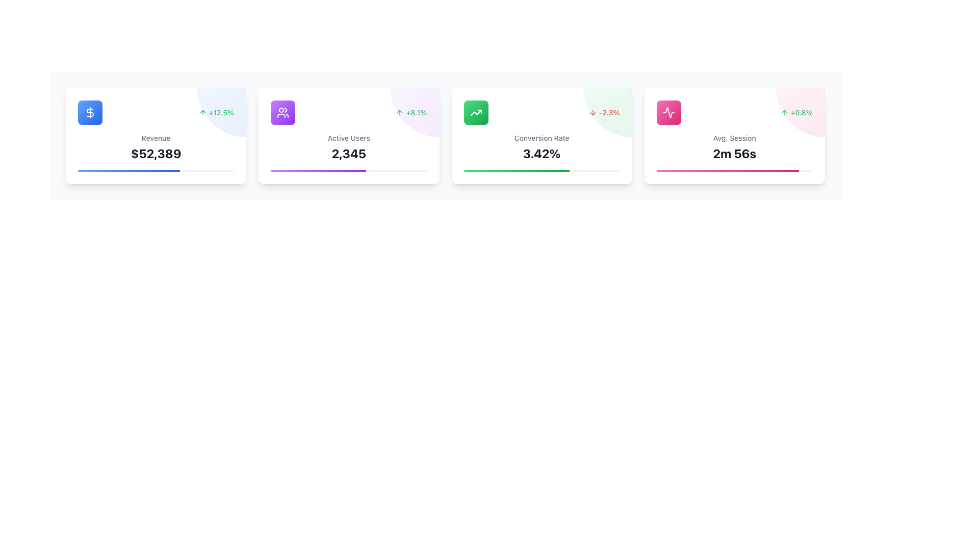 This screenshot has height=551, width=979. Describe the element at coordinates (734, 170) in the screenshot. I see `the slim, horizontal progress bar located in the bottom section of the 'Avg. Session' card` at that location.